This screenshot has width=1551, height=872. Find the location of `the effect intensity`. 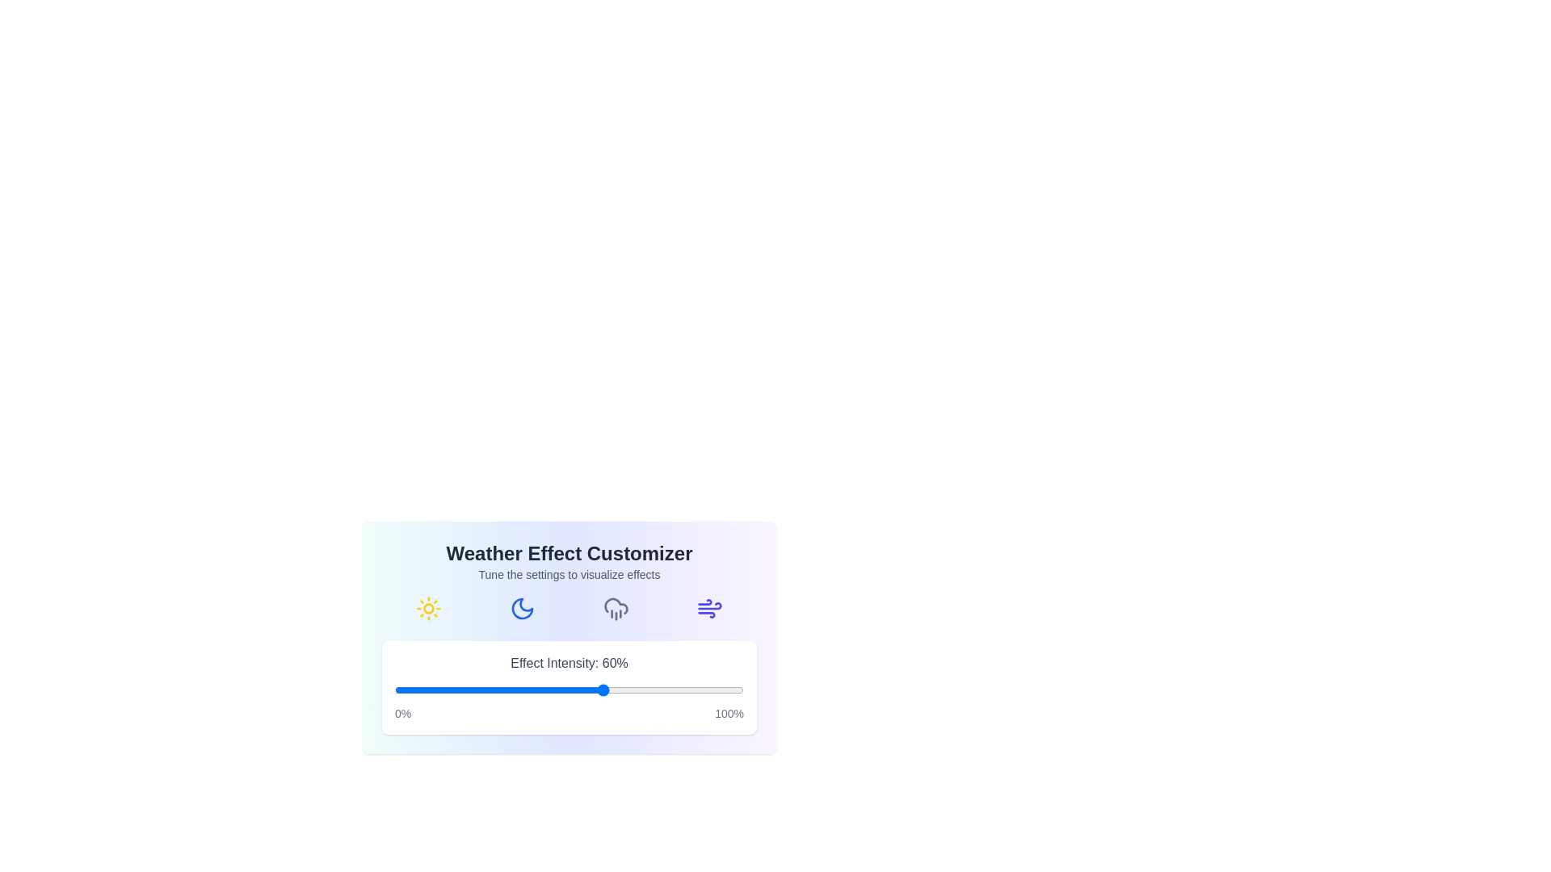

the effect intensity is located at coordinates (702, 690).